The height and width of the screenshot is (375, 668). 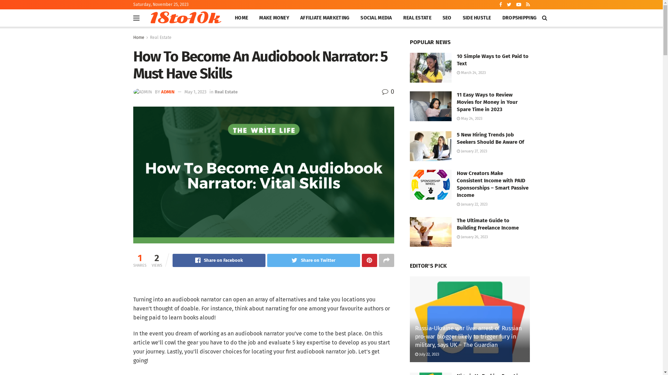 What do you see at coordinates (417, 17) in the screenshot?
I see `'REAL ESTATE'` at bounding box center [417, 17].